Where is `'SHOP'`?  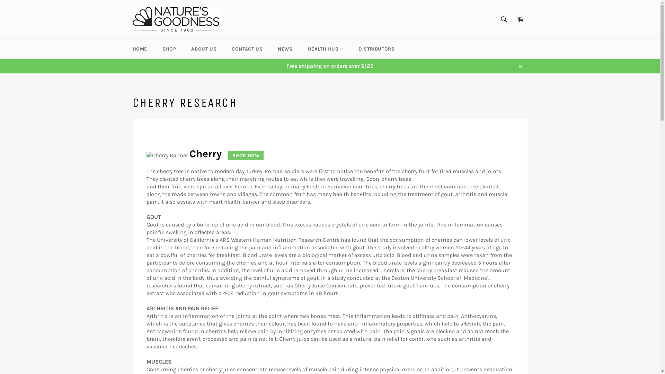 'SHOP' is located at coordinates (169, 48).